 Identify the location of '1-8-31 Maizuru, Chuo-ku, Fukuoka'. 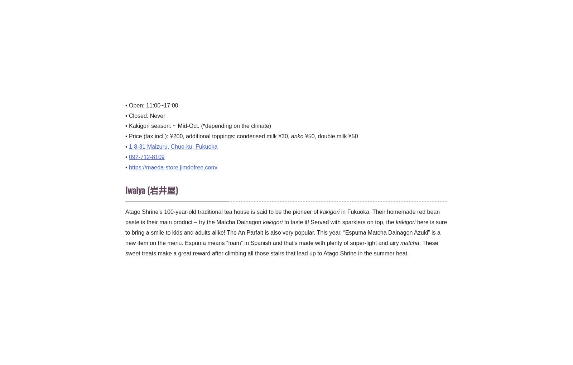
(173, 146).